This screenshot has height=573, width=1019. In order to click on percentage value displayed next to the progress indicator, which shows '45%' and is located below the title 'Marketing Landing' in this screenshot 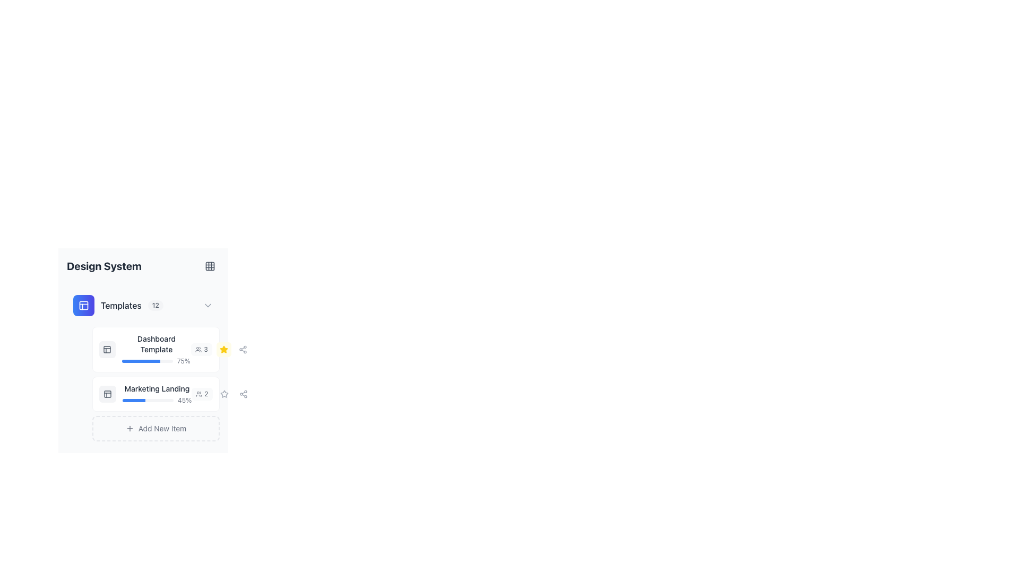, I will do `click(157, 401)`.